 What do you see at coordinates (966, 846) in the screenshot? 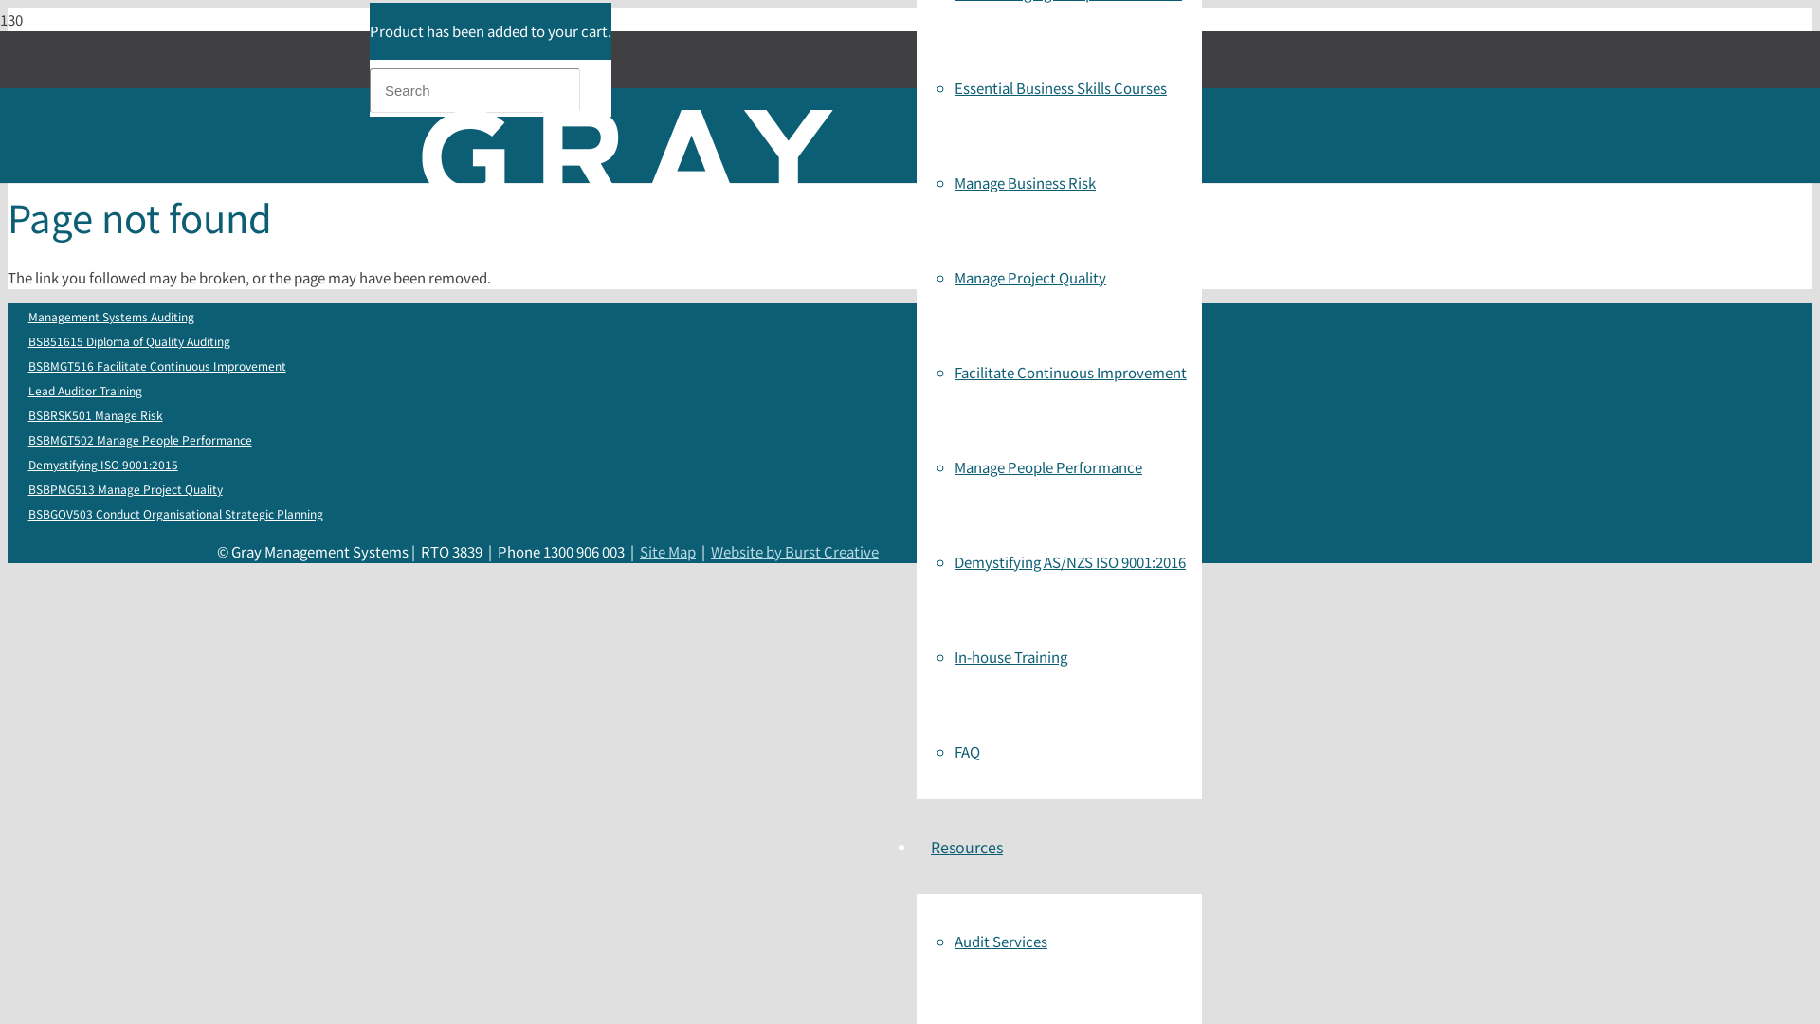
I see `'Resources'` at bounding box center [966, 846].